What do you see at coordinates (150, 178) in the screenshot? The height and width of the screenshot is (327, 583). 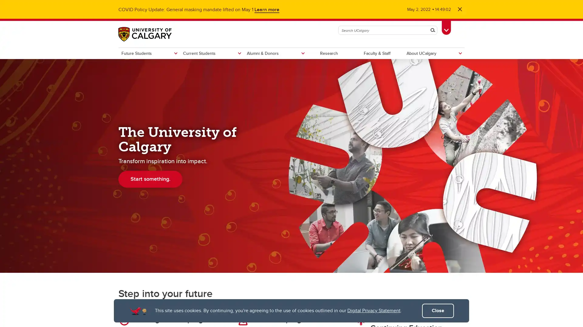 I see `Start something.` at bounding box center [150, 178].